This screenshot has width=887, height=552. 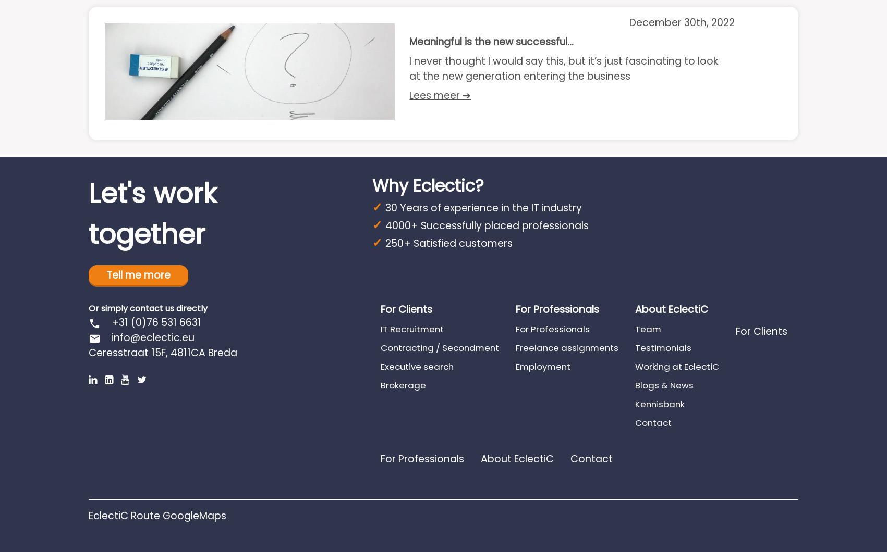 I want to click on '4000+ Successfully placed professionals', so click(x=487, y=224).